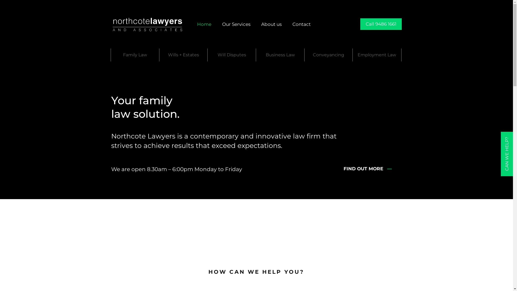  What do you see at coordinates (232, 55) in the screenshot?
I see `'Will Disputes'` at bounding box center [232, 55].